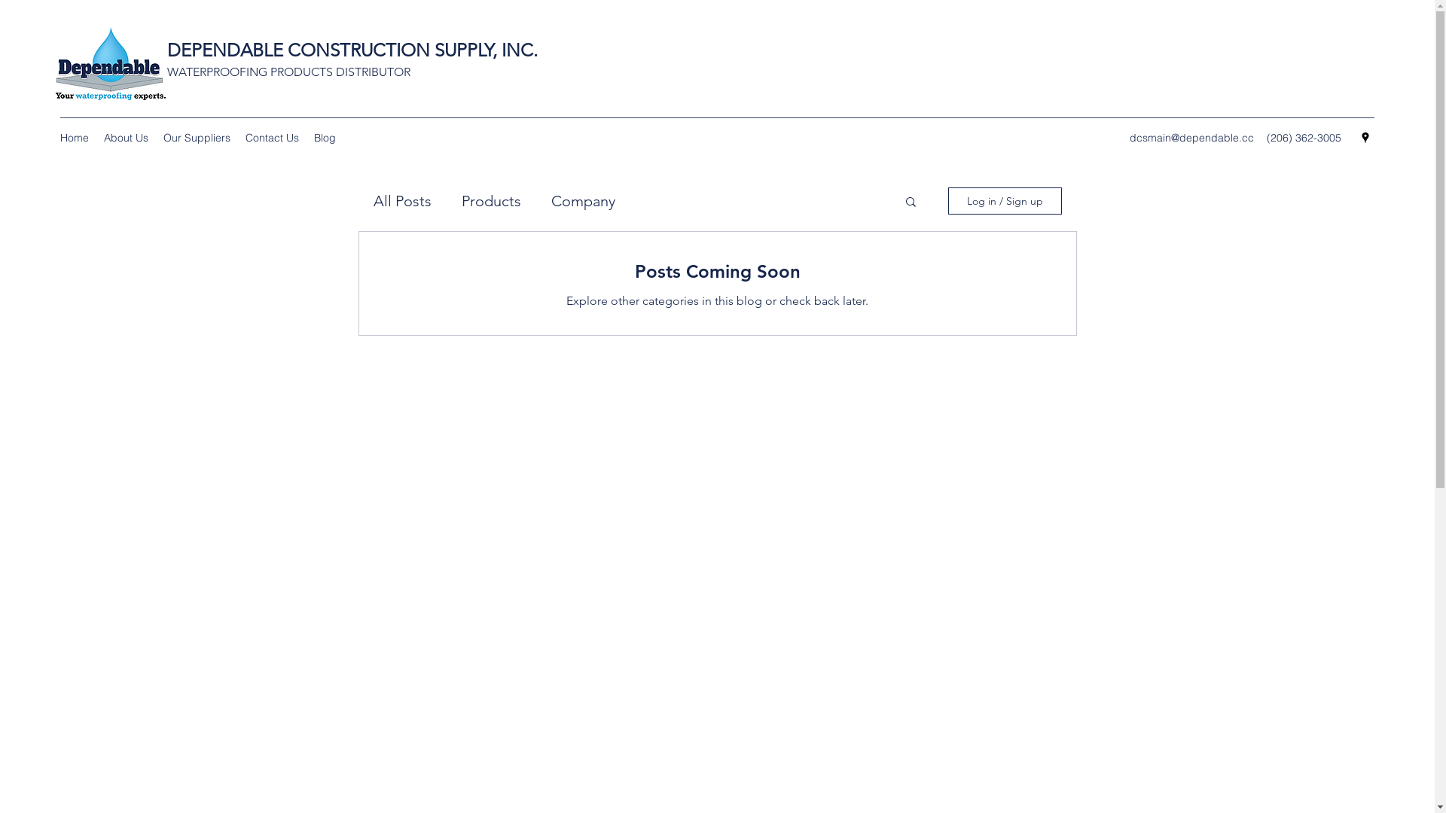  Describe the element at coordinates (324, 137) in the screenshot. I see `'Blog'` at that location.